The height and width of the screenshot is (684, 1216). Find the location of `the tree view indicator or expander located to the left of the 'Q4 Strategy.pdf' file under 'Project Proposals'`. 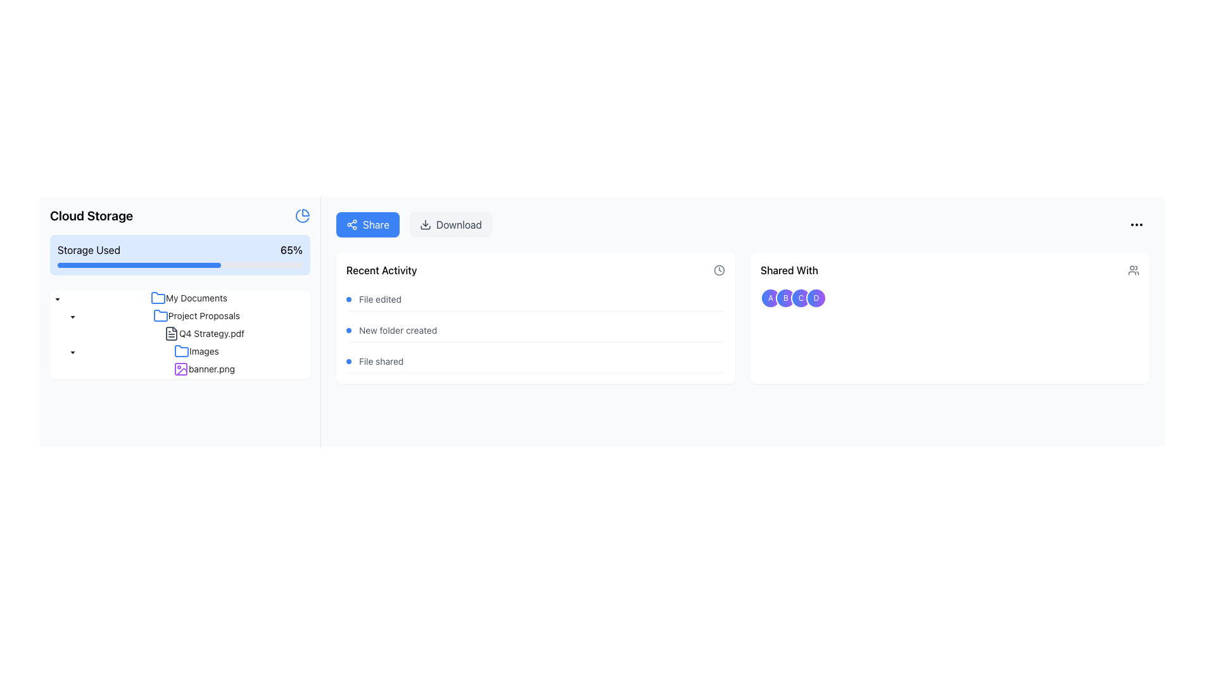

the tree view indicator or expander located to the left of the 'Q4 Strategy.pdf' file under 'Project Proposals' is located at coordinates (87, 333).